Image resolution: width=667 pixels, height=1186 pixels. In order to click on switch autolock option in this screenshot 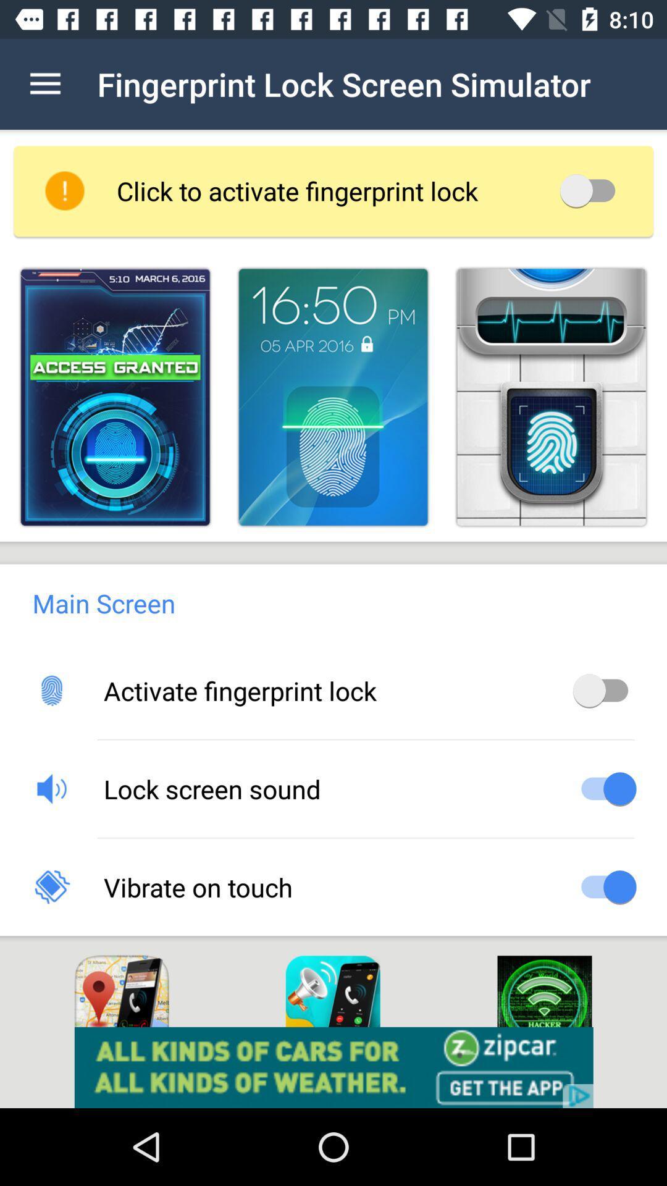, I will do `click(591, 190)`.